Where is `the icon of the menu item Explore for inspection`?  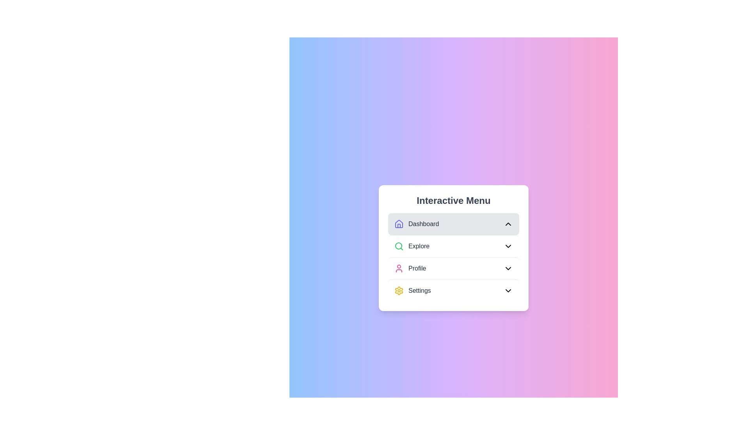
the icon of the menu item Explore for inspection is located at coordinates (399, 246).